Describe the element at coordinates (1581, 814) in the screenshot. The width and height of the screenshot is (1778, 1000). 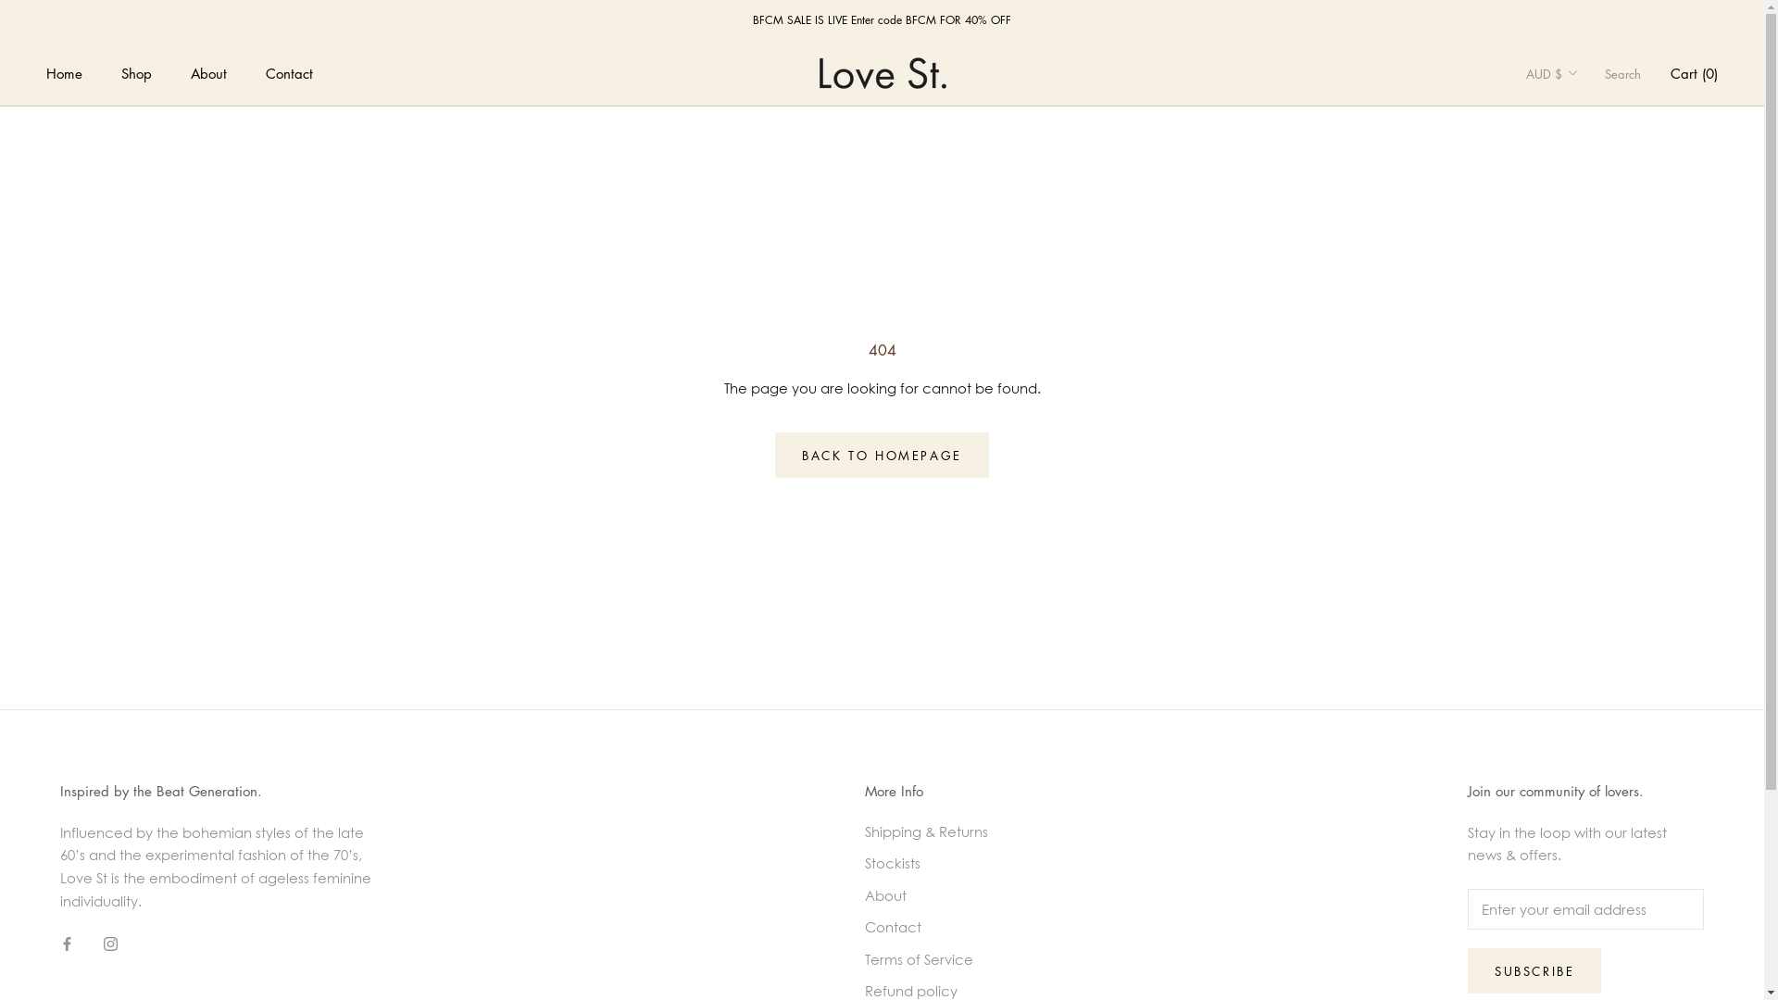
I see `'CZK'` at that location.